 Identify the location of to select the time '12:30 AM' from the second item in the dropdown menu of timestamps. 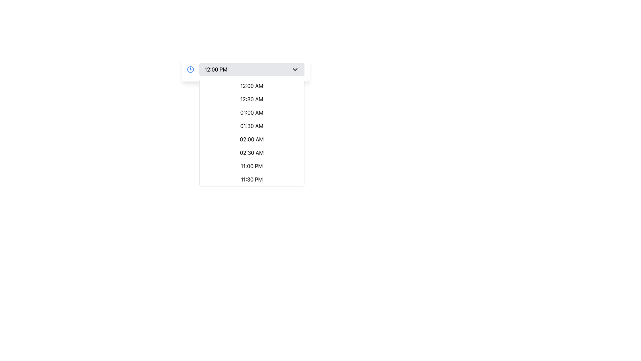
(251, 99).